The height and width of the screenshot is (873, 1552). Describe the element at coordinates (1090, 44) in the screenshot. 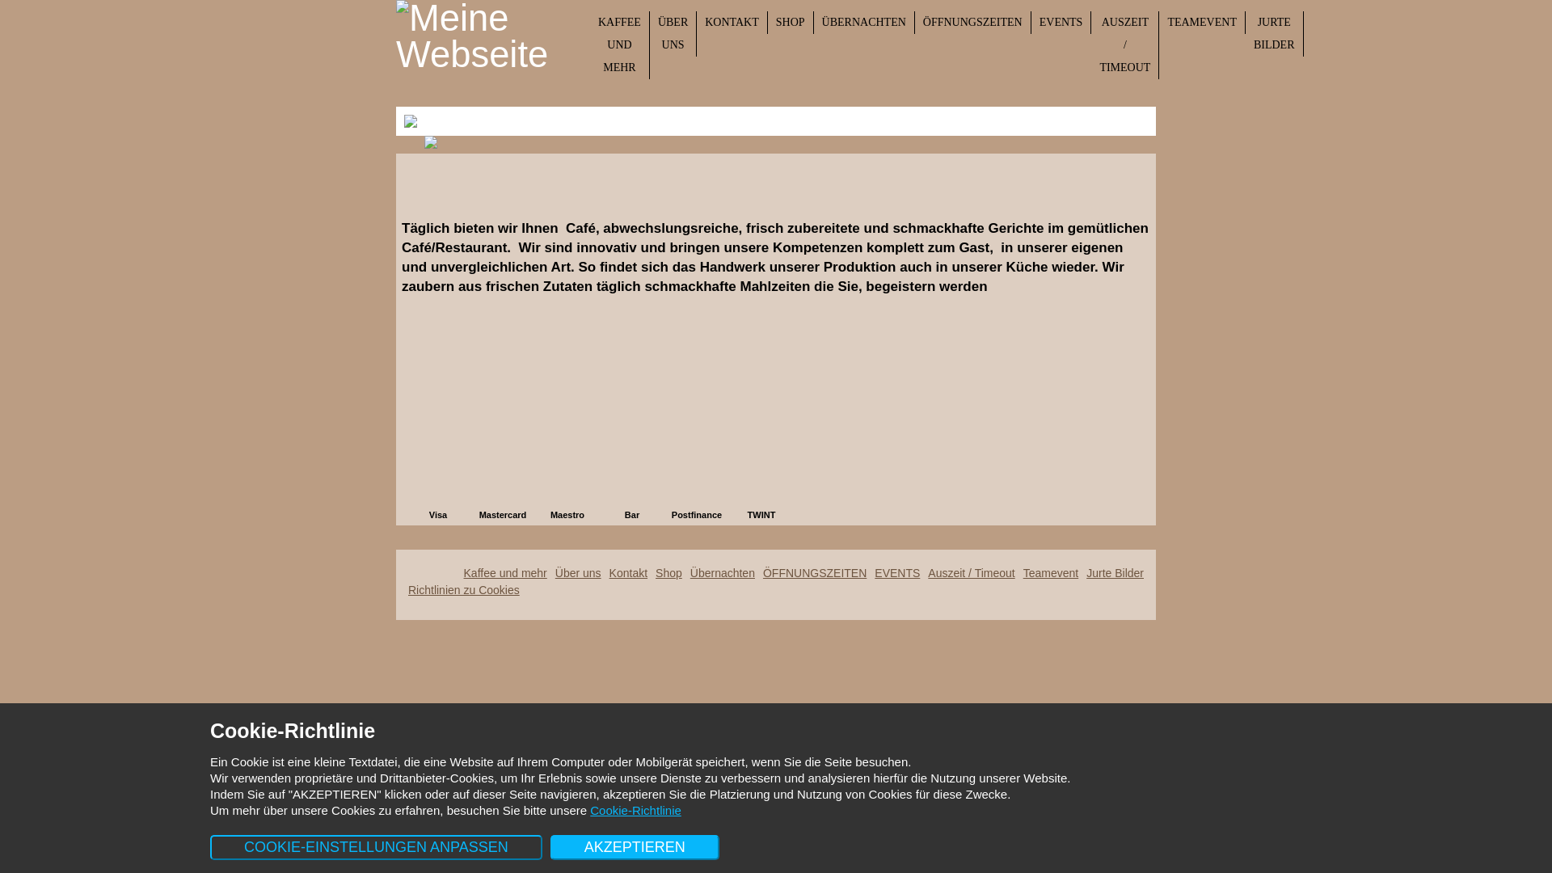

I see `'AUSZEIT / TIMEOUT'` at that location.